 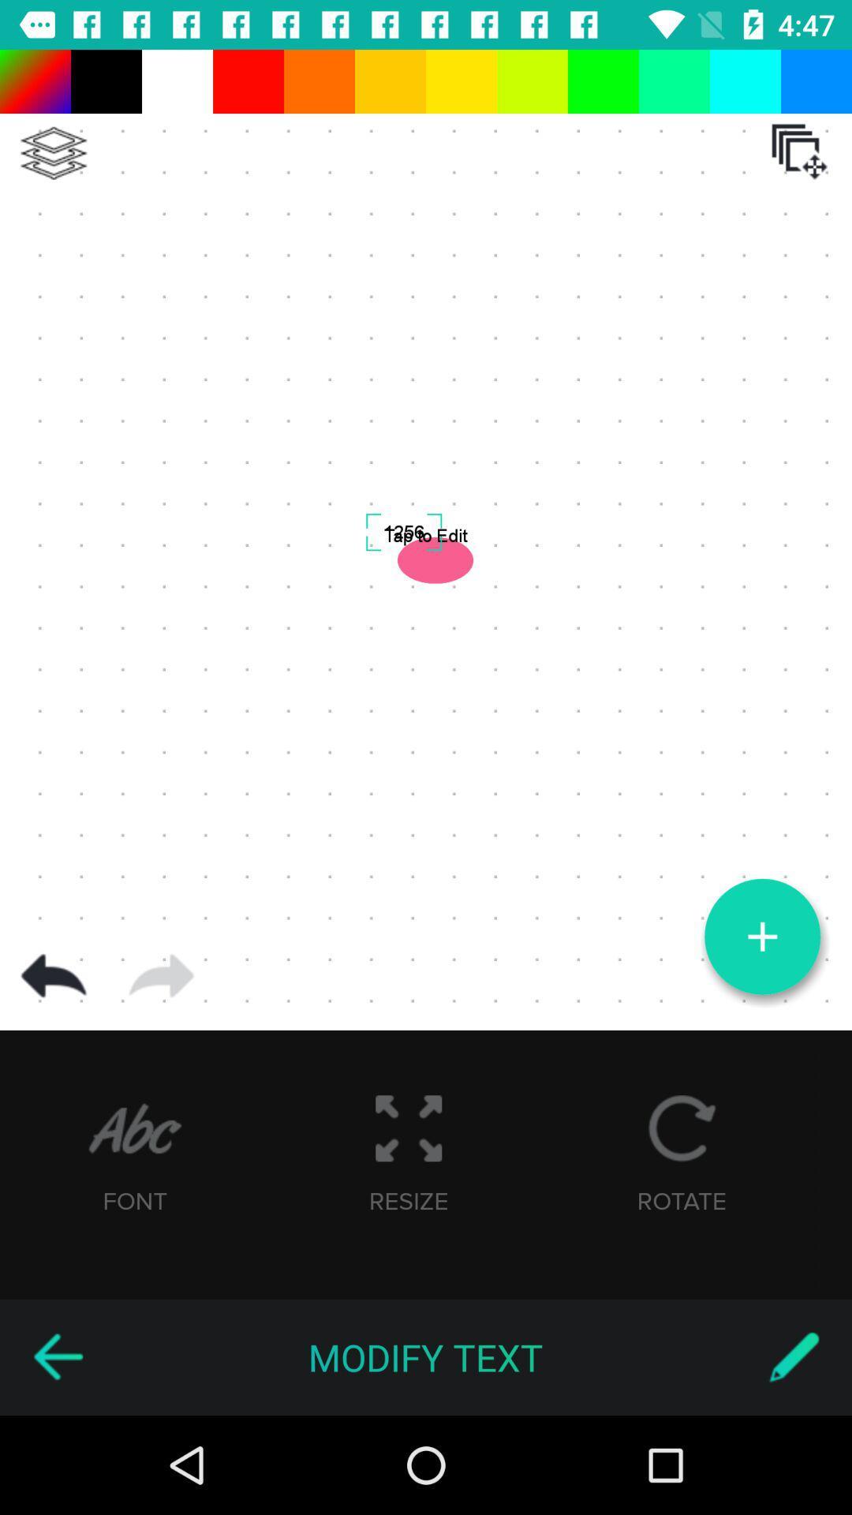 I want to click on layers, so click(x=53, y=153).